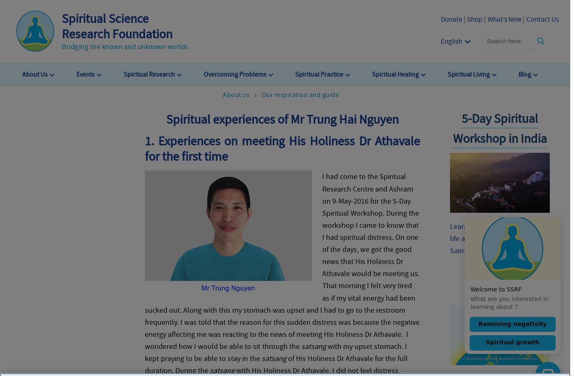  What do you see at coordinates (450, 18) in the screenshot?
I see `'Donate'` at bounding box center [450, 18].